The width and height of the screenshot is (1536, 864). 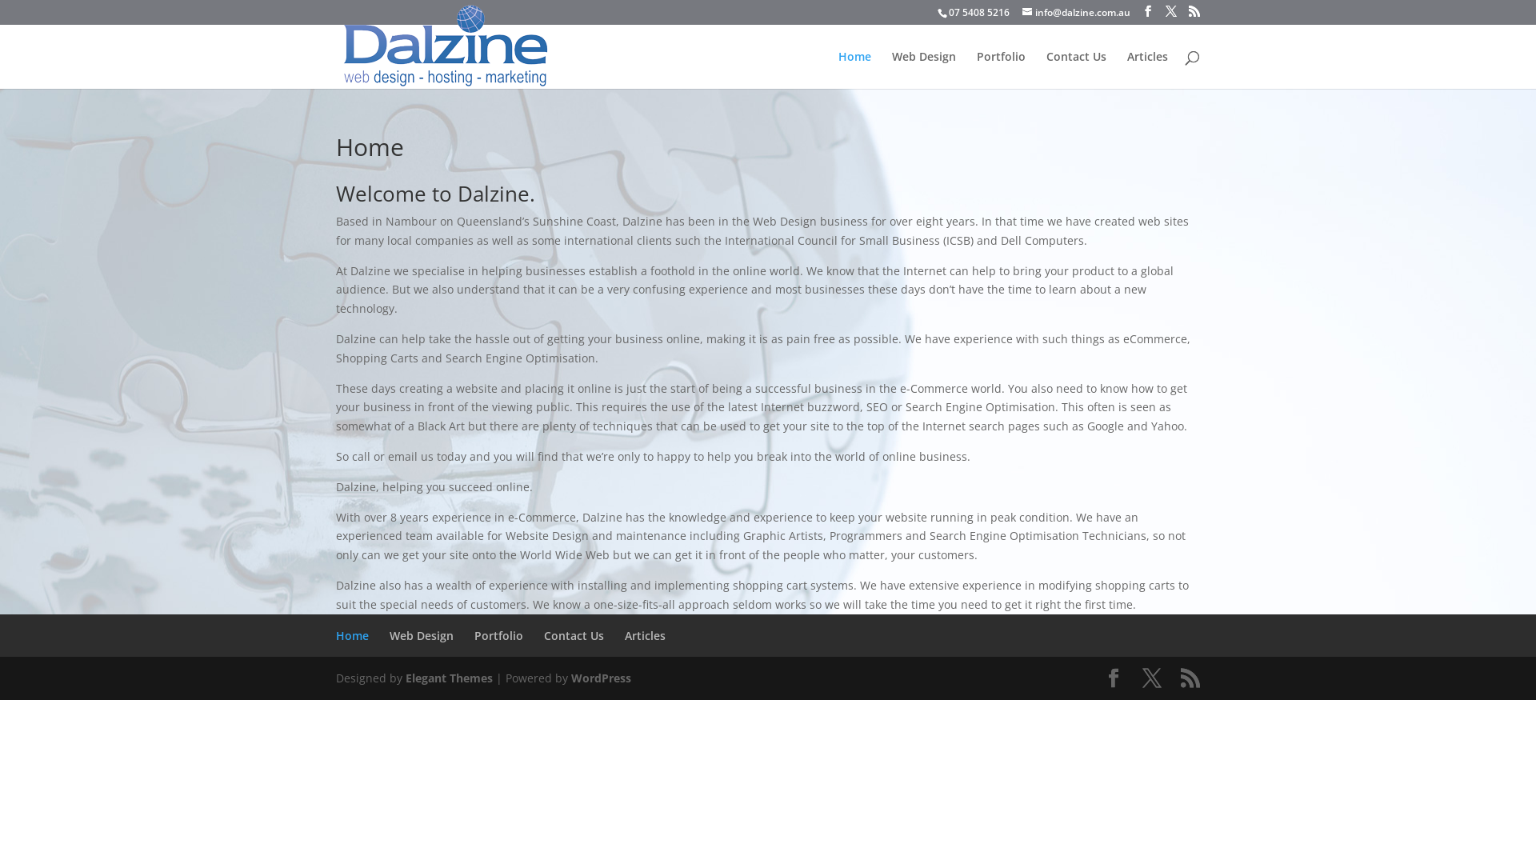 What do you see at coordinates (498, 634) in the screenshot?
I see `'Portfolio'` at bounding box center [498, 634].